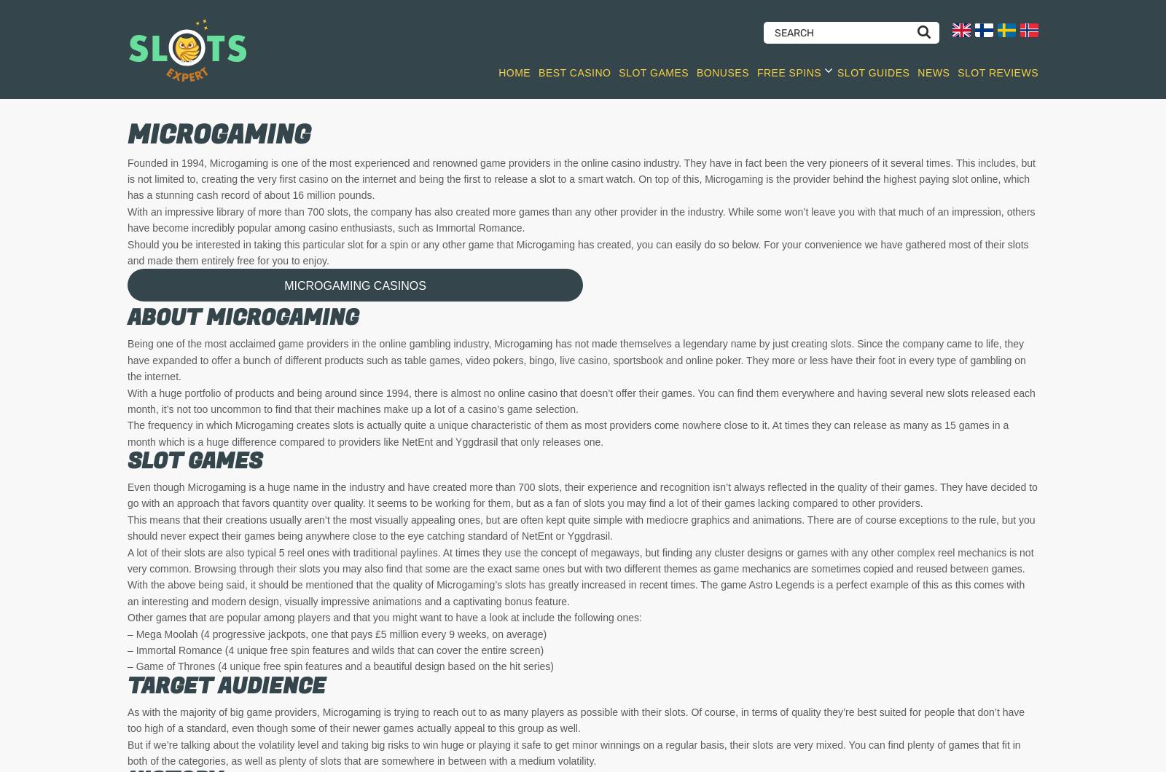 This screenshot has height=772, width=1166. Describe the element at coordinates (506, 420) in the screenshot. I see `'Emperors garden'` at that location.